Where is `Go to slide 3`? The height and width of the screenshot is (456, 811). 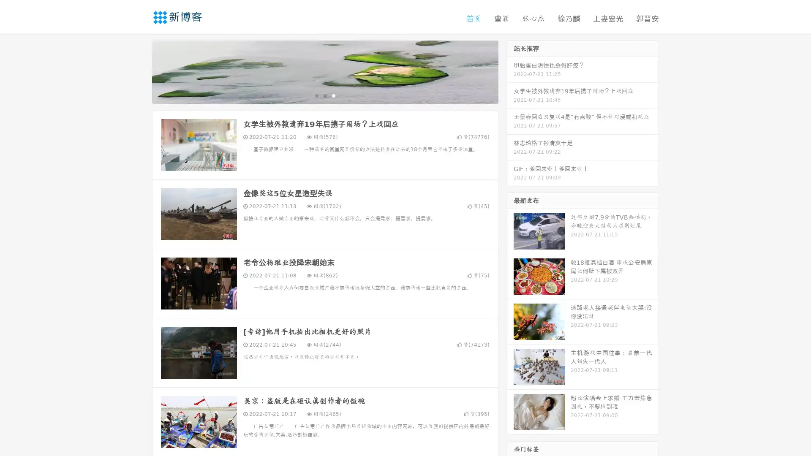
Go to slide 3 is located at coordinates (333, 95).